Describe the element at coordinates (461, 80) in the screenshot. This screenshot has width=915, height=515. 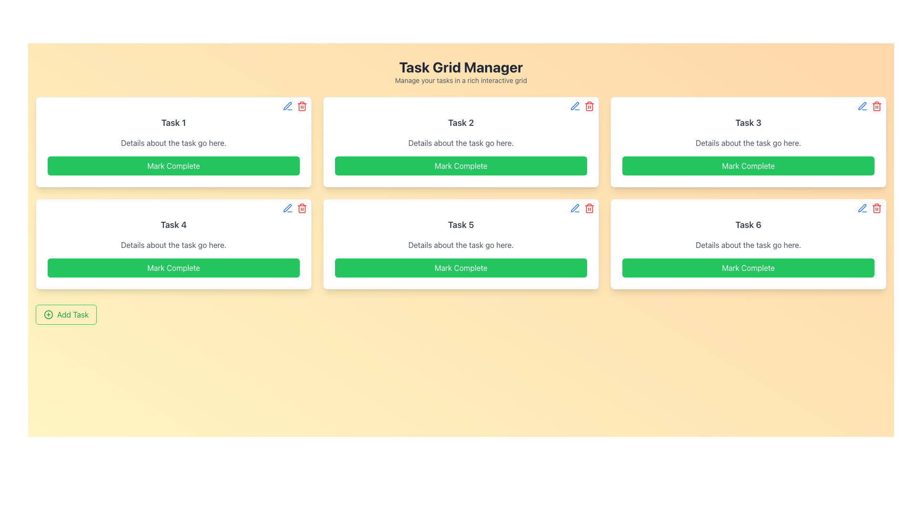
I see `the descriptive text label located directly below the 'Task Grid Manager' header, which provides information about the functionality of the 'Task Grid Manager' feature` at that location.